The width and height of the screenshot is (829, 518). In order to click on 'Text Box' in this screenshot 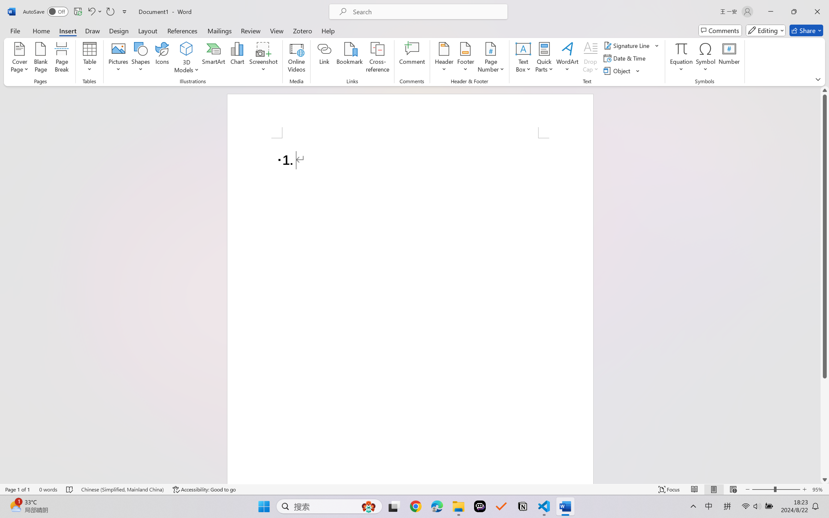, I will do `click(523, 58)`.